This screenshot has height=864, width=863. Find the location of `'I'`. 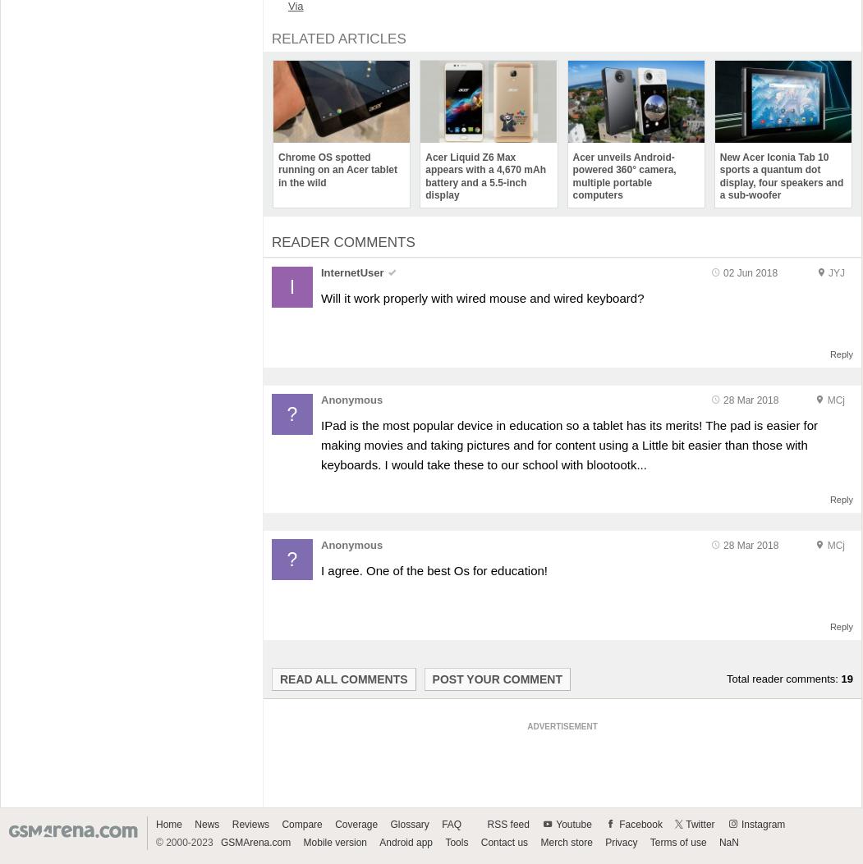

'I' is located at coordinates (291, 285).